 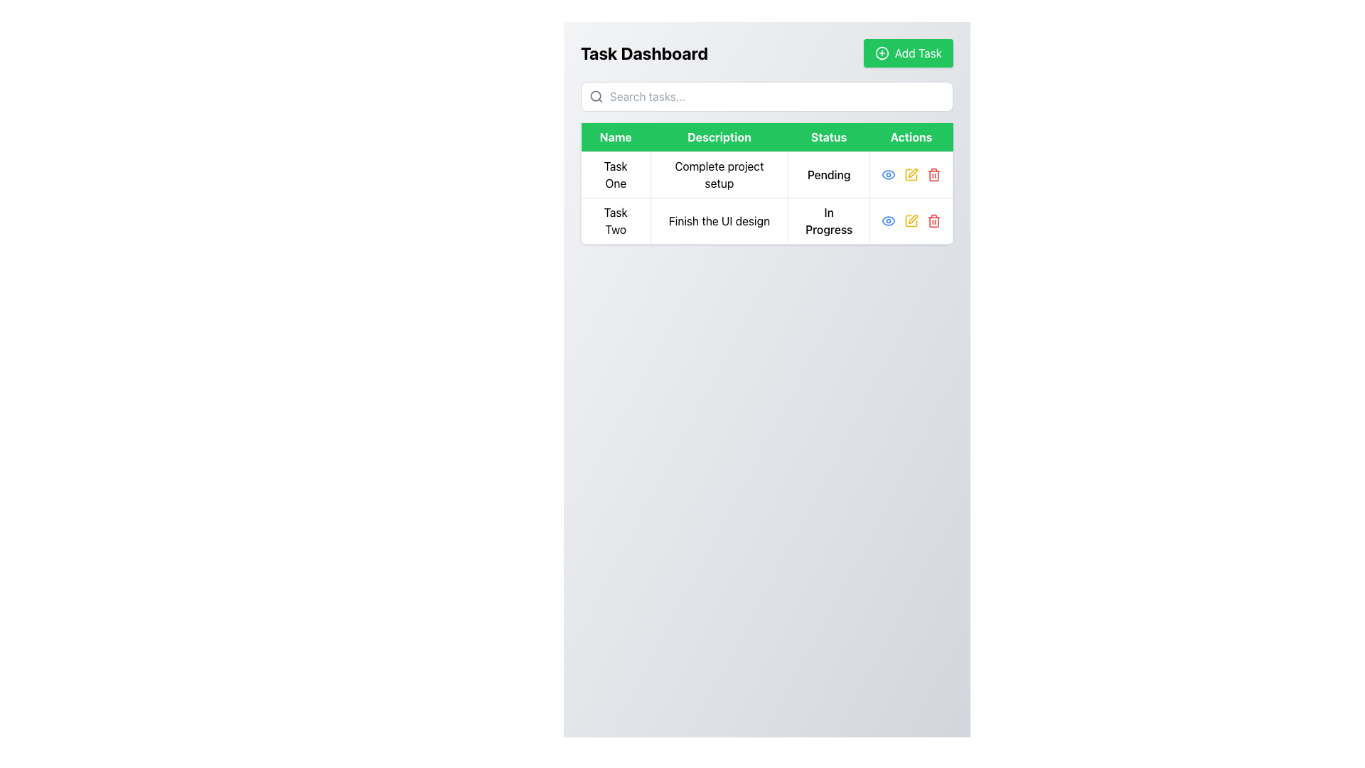 I want to click on the second row in the Task Dashboard table that contains the task name 'Task Two', which is directly below 'Task One', so click(x=766, y=221).